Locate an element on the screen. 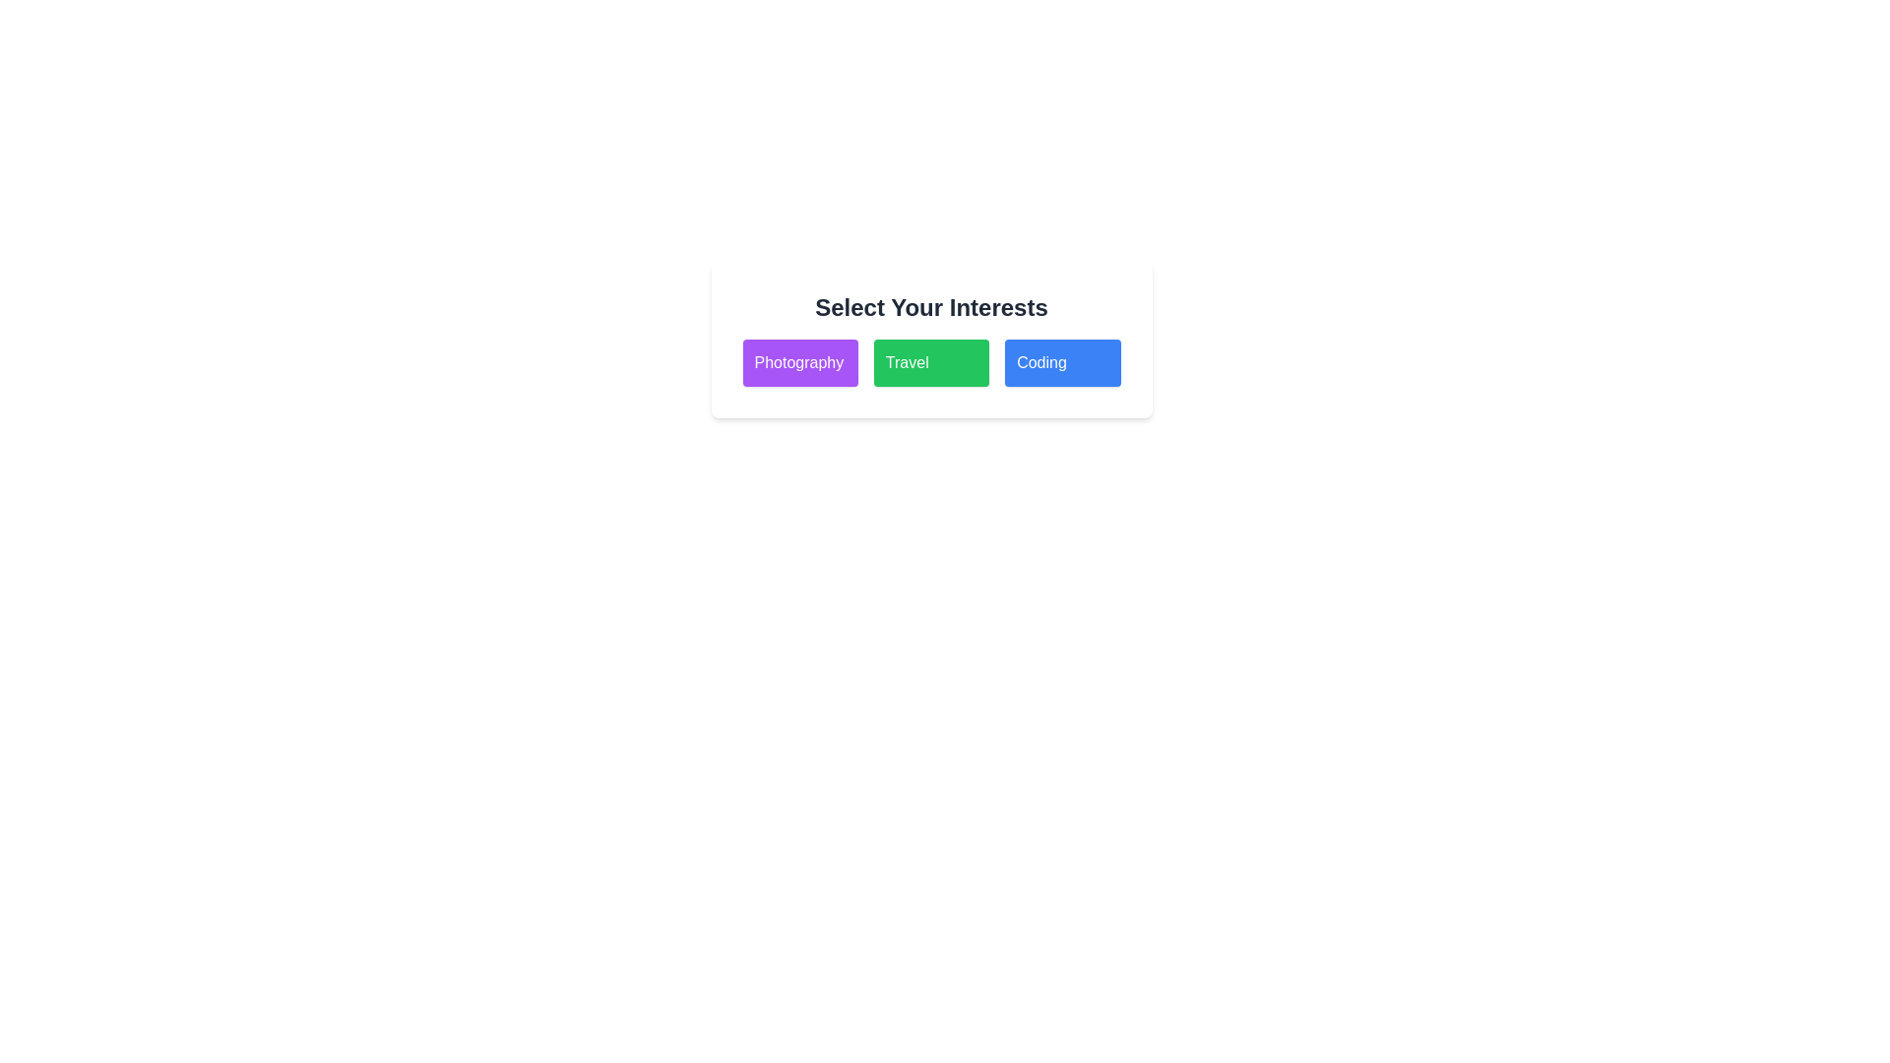 The width and height of the screenshot is (1890, 1063). the tag Travel to observe the hover effect is located at coordinates (929, 363).